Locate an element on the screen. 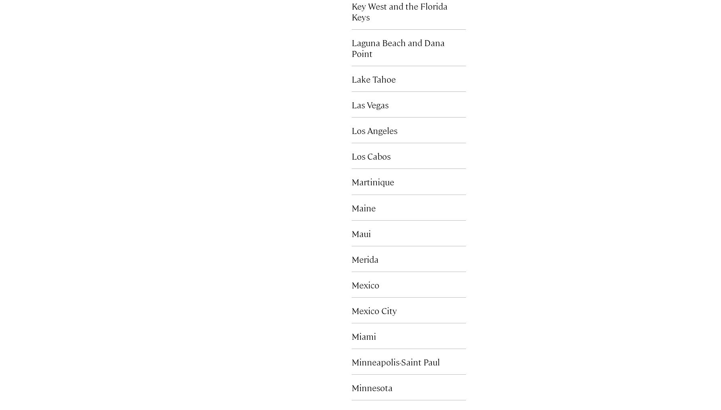  'Lake Tahoe' is located at coordinates (373, 79).